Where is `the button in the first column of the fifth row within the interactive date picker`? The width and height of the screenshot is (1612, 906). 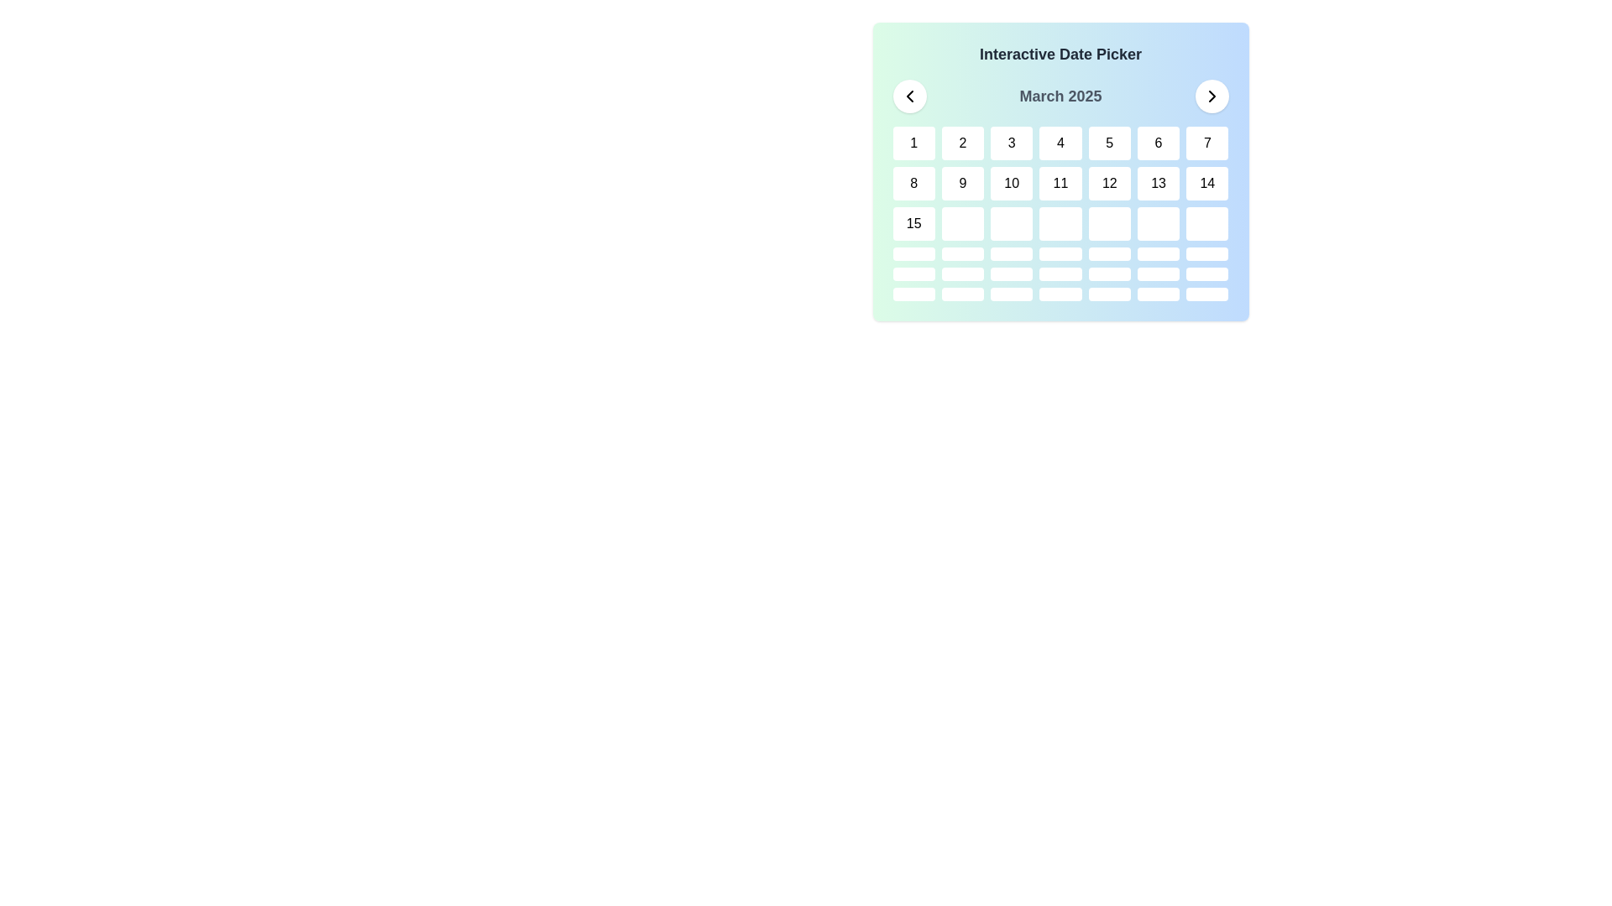 the button in the first column of the fifth row within the interactive date picker is located at coordinates (913, 254).